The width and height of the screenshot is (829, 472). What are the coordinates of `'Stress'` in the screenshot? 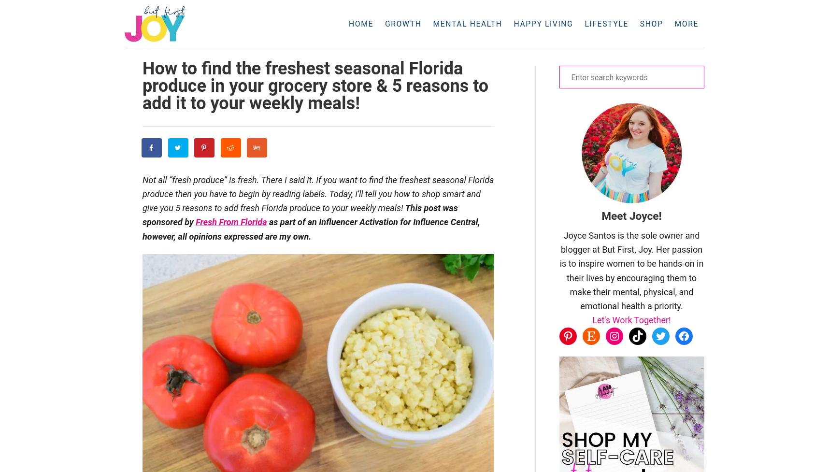 It's located at (455, 68).